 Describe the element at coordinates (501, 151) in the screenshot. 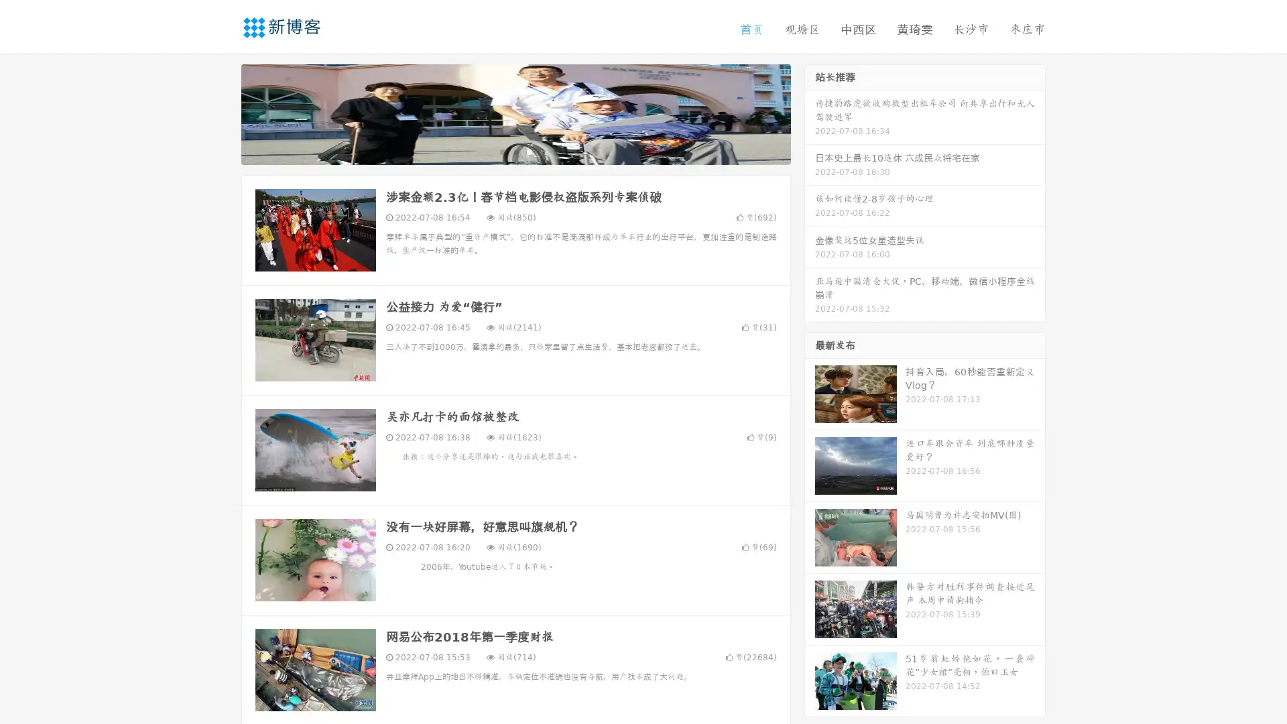

I see `Go to slide 1` at that location.